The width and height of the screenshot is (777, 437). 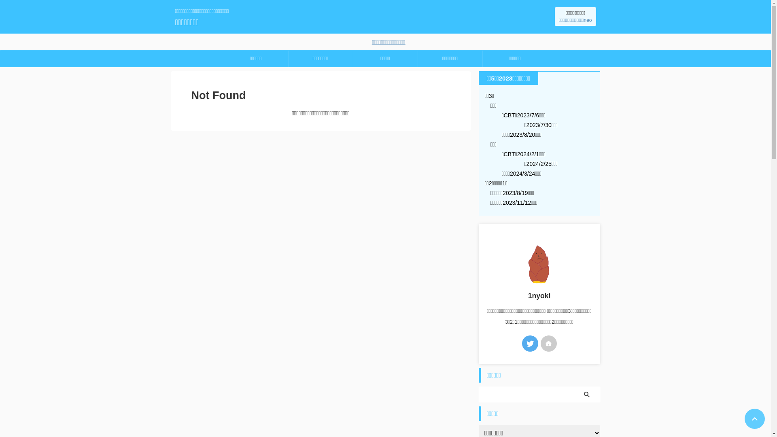 What do you see at coordinates (549, 343) in the screenshot?
I see `'home'` at bounding box center [549, 343].